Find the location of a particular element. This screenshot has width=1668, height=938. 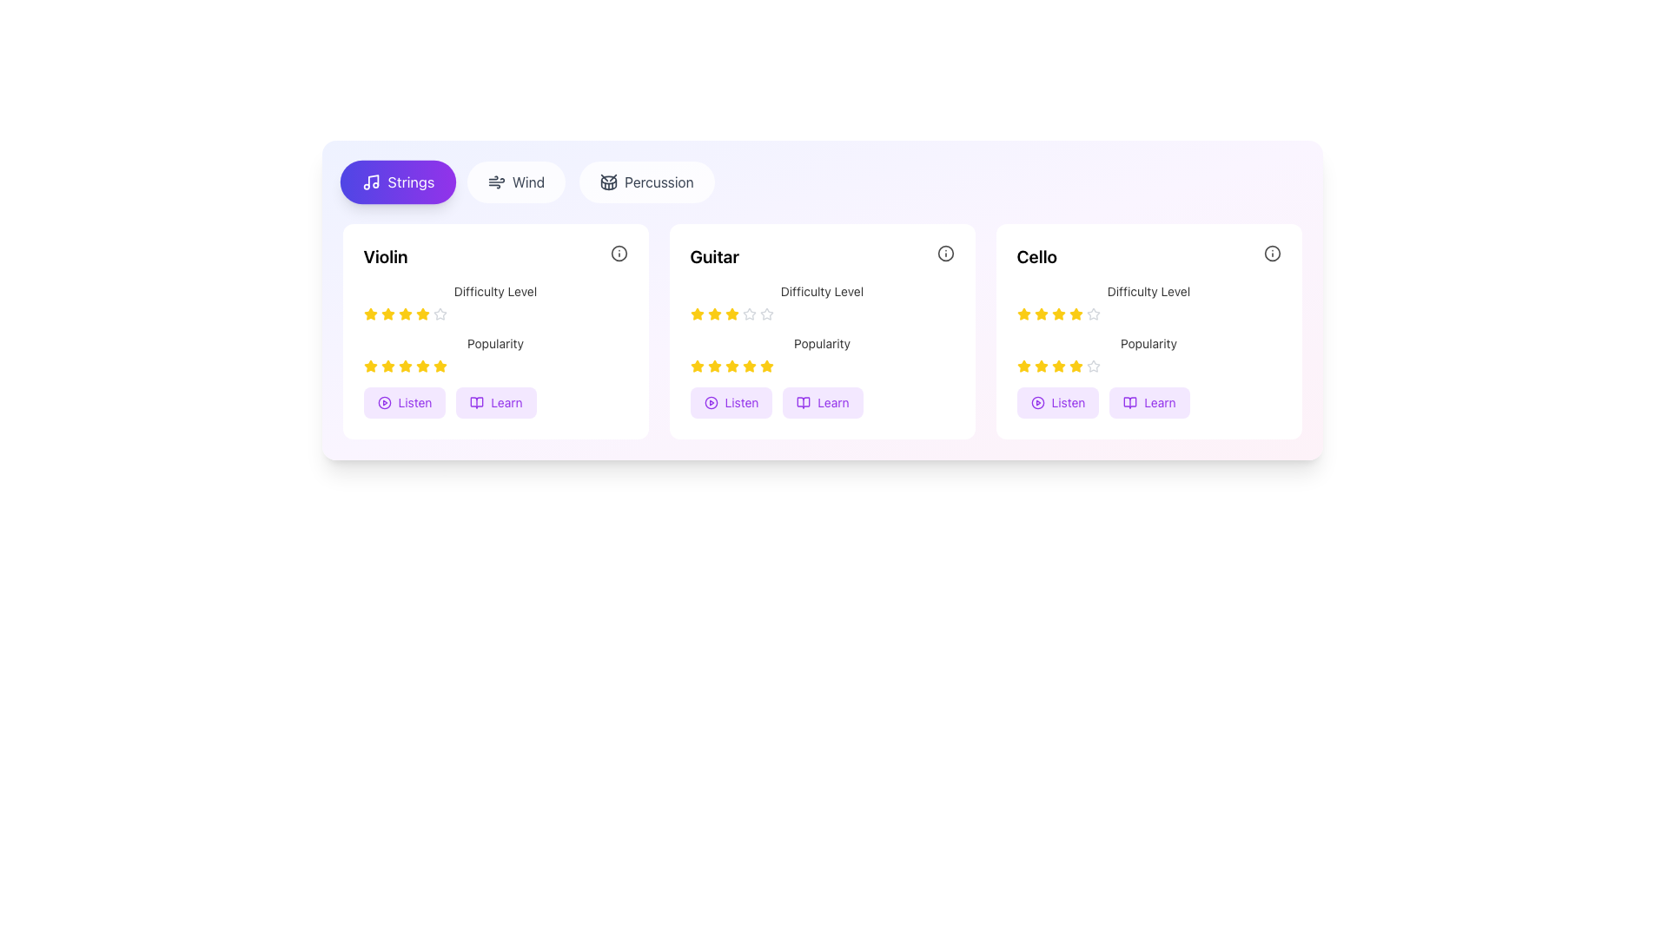

the first yellow star in the 'Difficulty Level' section of the 'Violin' card to interact with the rating is located at coordinates (369, 314).